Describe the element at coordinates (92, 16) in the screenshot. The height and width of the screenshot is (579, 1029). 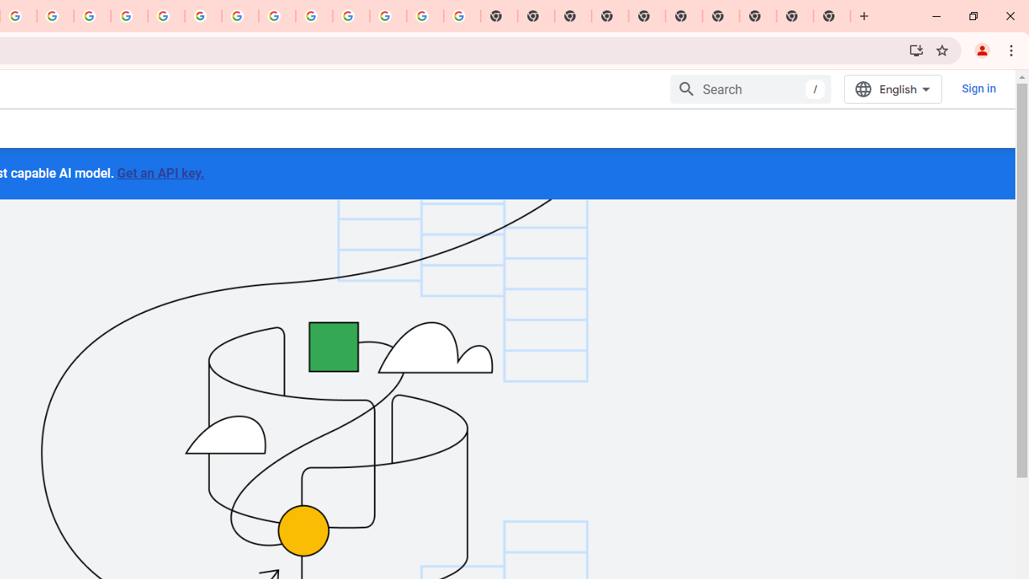
I see `'Privacy Help Center - Policies Help'` at that location.